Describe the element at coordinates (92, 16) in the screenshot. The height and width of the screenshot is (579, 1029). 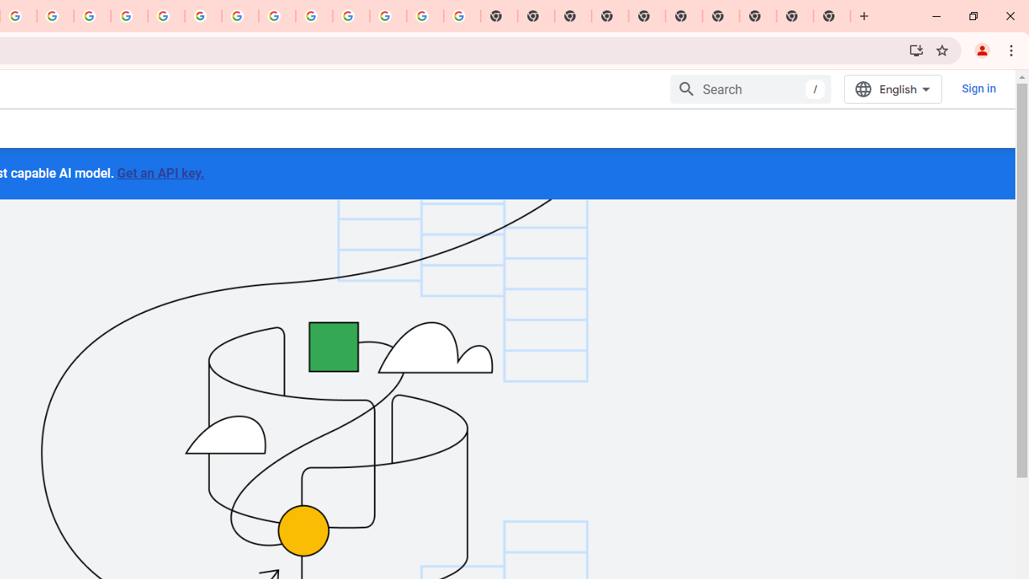
I see `'Privacy Help Center - Policies Help'` at that location.